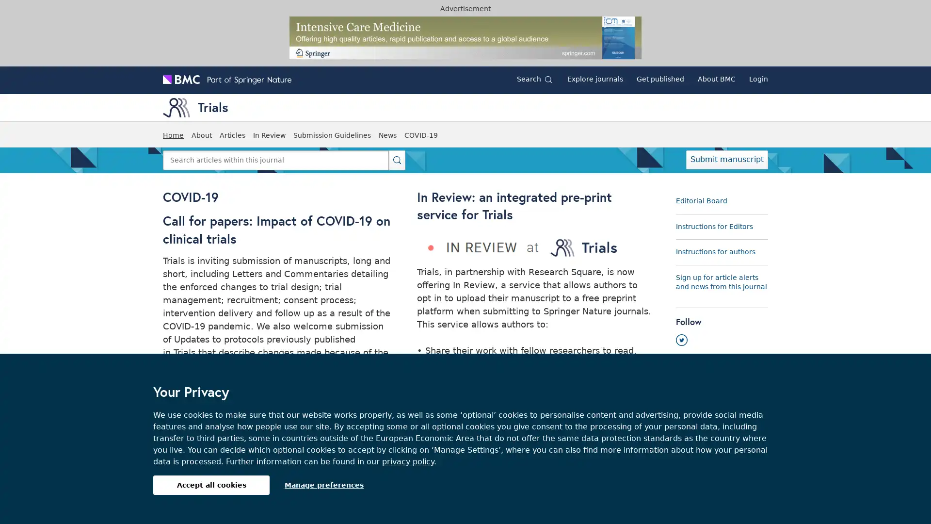  Describe the element at coordinates (324, 485) in the screenshot. I see `Manage preferences` at that location.